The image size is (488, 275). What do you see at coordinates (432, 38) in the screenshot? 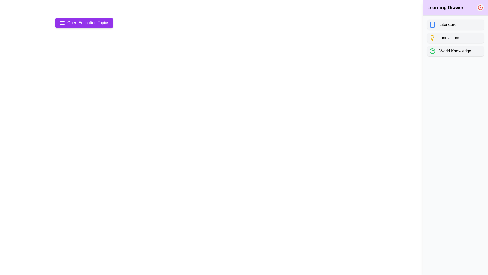
I see `the topic icon for Innovations` at bounding box center [432, 38].